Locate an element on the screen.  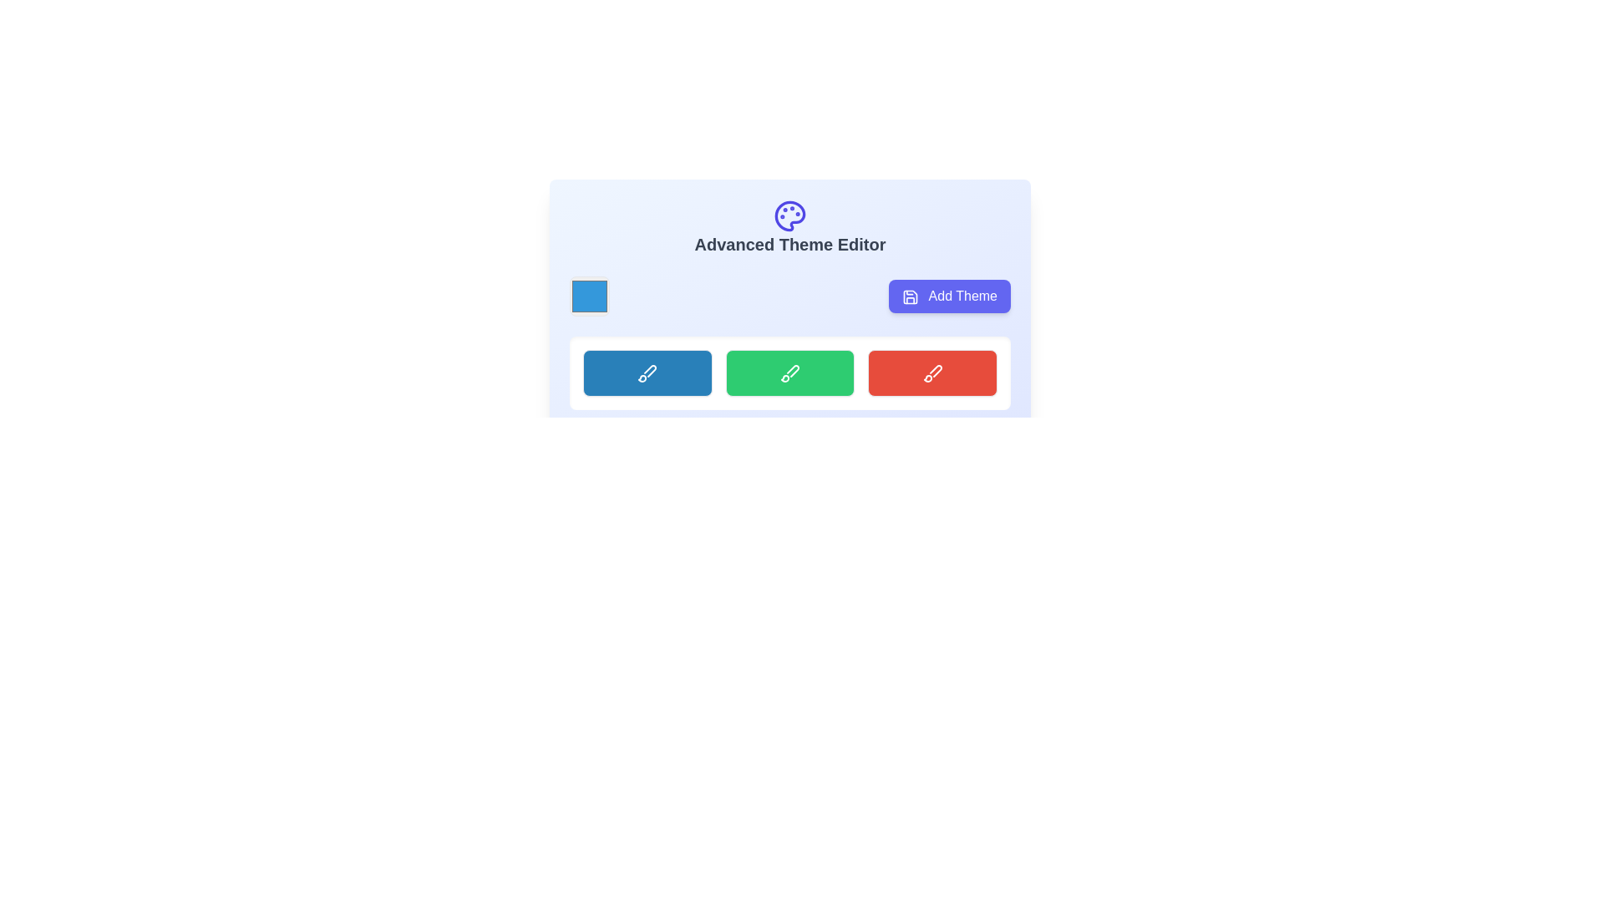
the rightmost button in the group of three colored buttons, which is an icon resembling a brush on a red square button is located at coordinates (931, 372).